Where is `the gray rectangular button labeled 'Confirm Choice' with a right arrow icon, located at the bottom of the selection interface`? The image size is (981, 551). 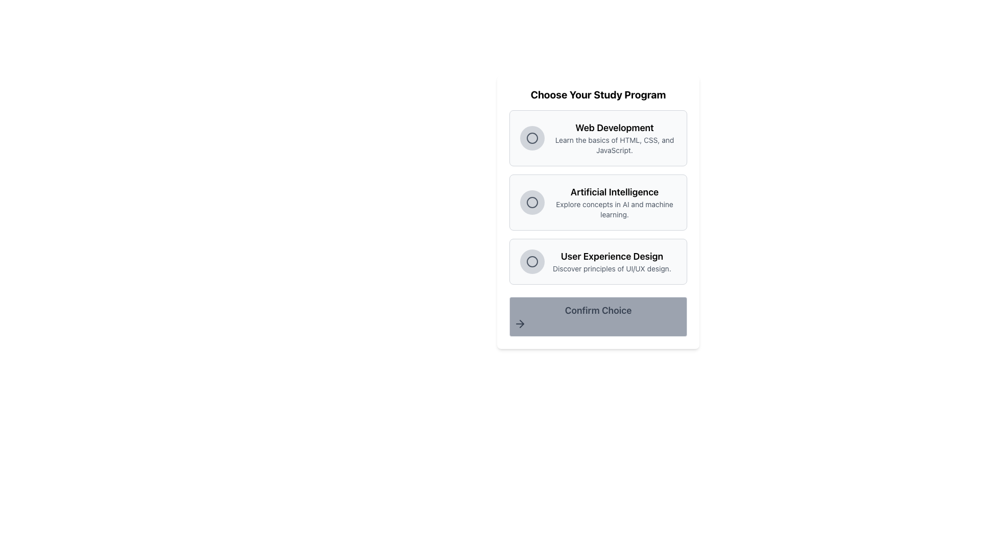 the gray rectangular button labeled 'Confirm Choice' with a right arrow icon, located at the bottom of the selection interface is located at coordinates (598, 316).